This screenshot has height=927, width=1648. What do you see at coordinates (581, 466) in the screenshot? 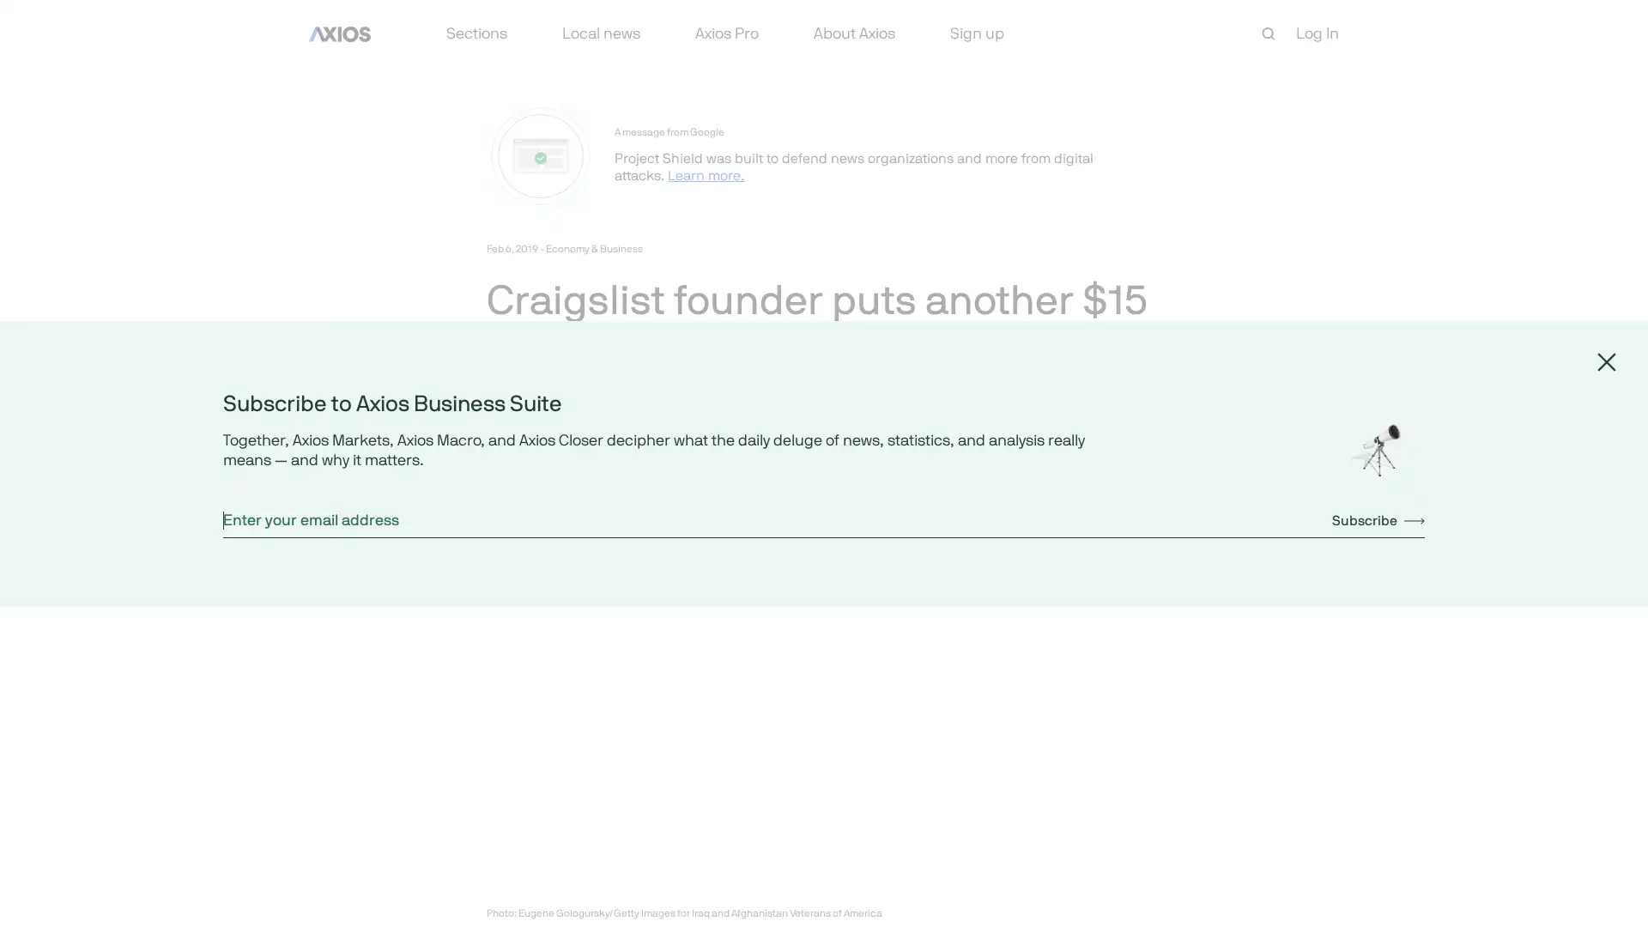
I see `linkedin` at bounding box center [581, 466].